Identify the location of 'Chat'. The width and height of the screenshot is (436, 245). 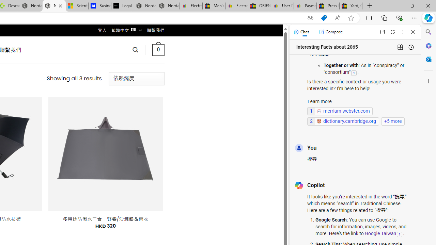
(301, 32).